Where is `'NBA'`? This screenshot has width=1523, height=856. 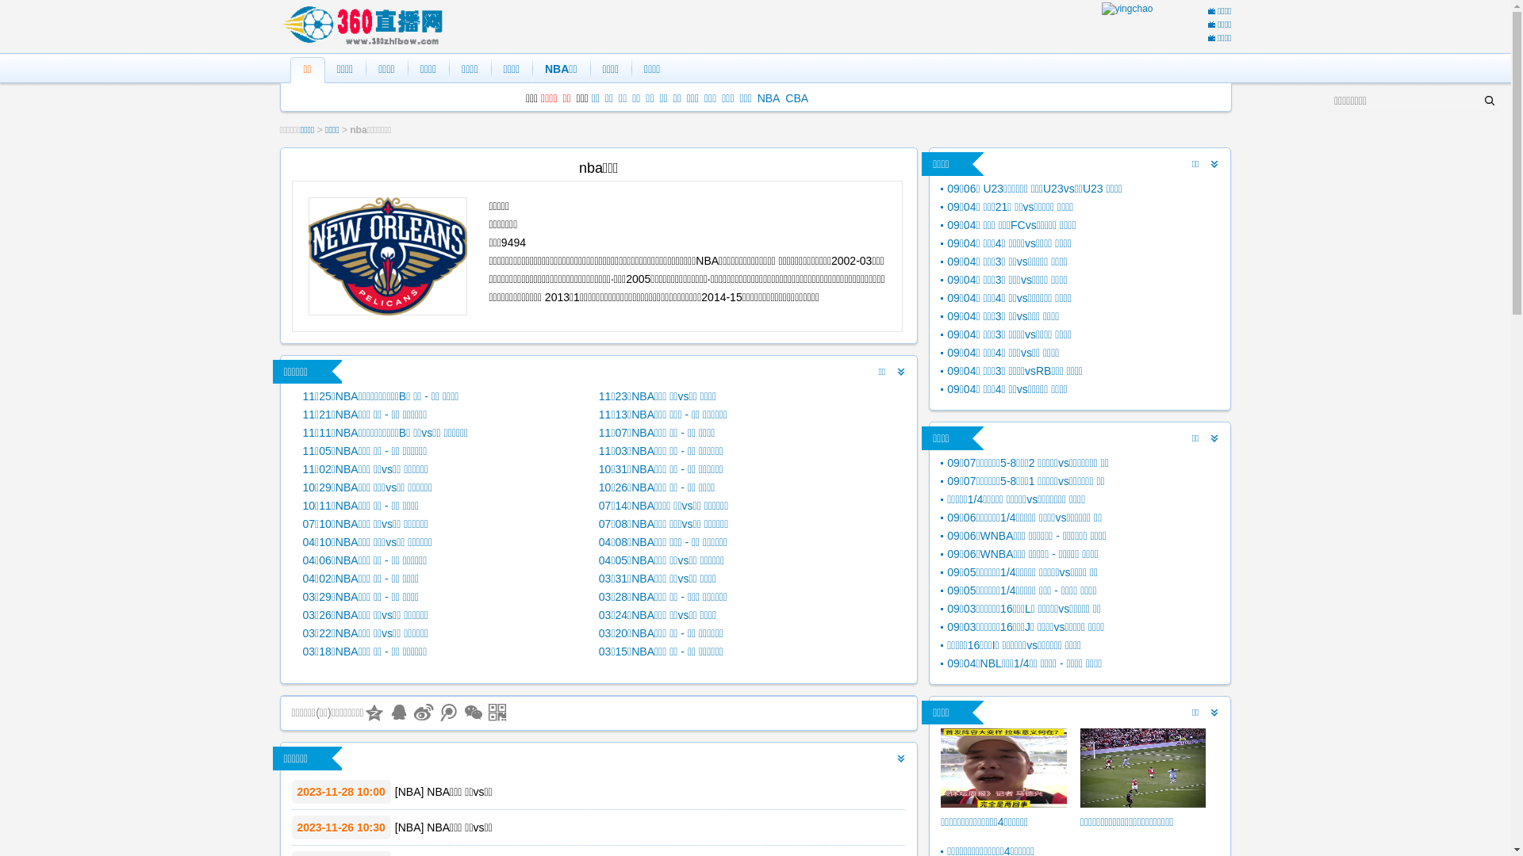 'NBA' is located at coordinates (409, 792).